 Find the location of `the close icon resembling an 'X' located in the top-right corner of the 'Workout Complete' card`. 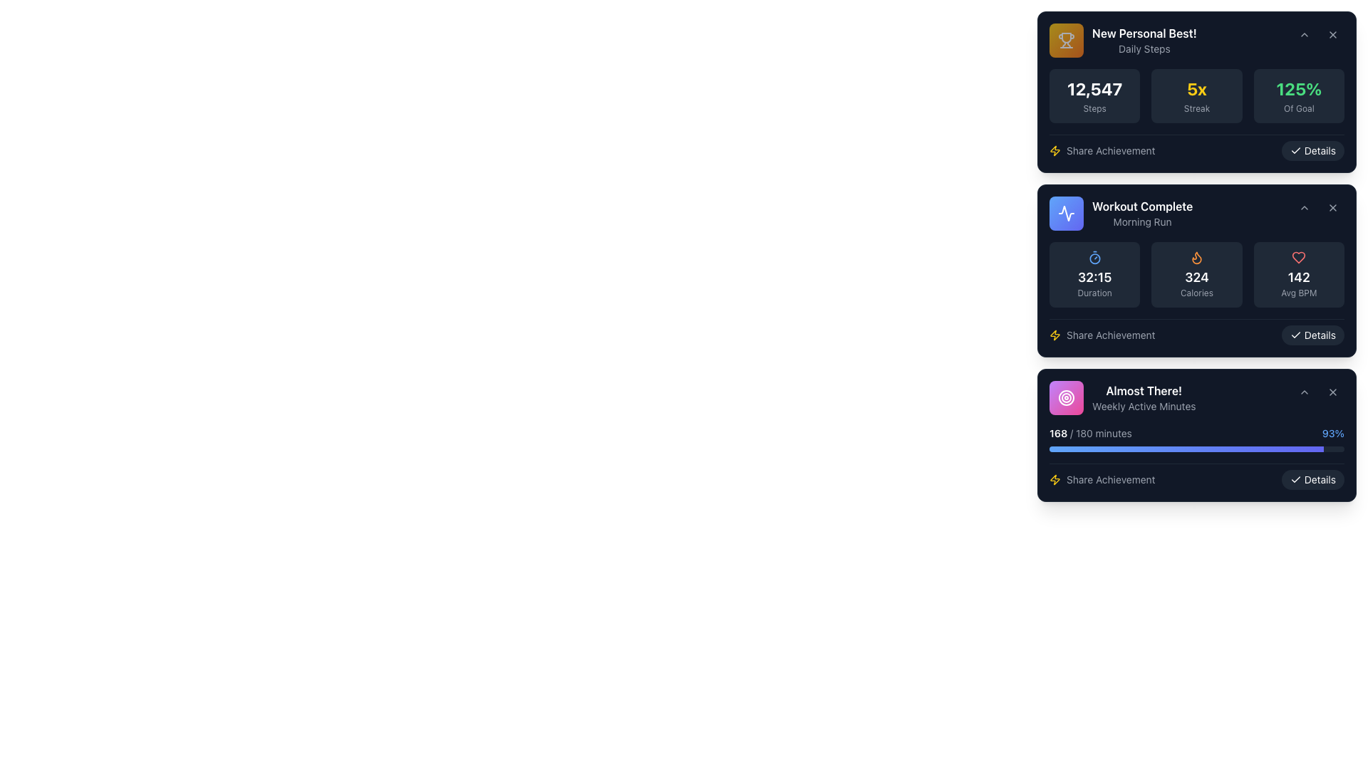

the close icon resembling an 'X' located in the top-right corner of the 'Workout Complete' card is located at coordinates (1332, 208).